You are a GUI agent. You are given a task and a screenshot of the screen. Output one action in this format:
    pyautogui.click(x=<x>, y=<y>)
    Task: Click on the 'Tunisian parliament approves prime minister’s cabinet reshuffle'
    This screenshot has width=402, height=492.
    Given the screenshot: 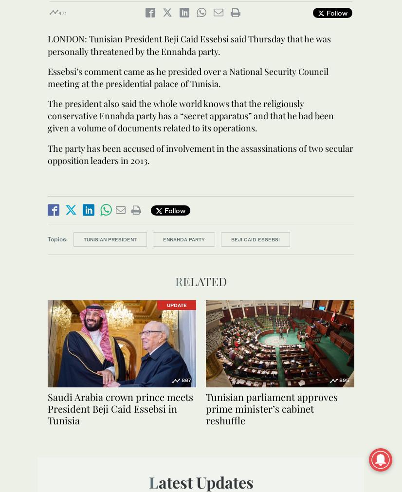 What is the action you would take?
    pyautogui.click(x=272, y=408)
    